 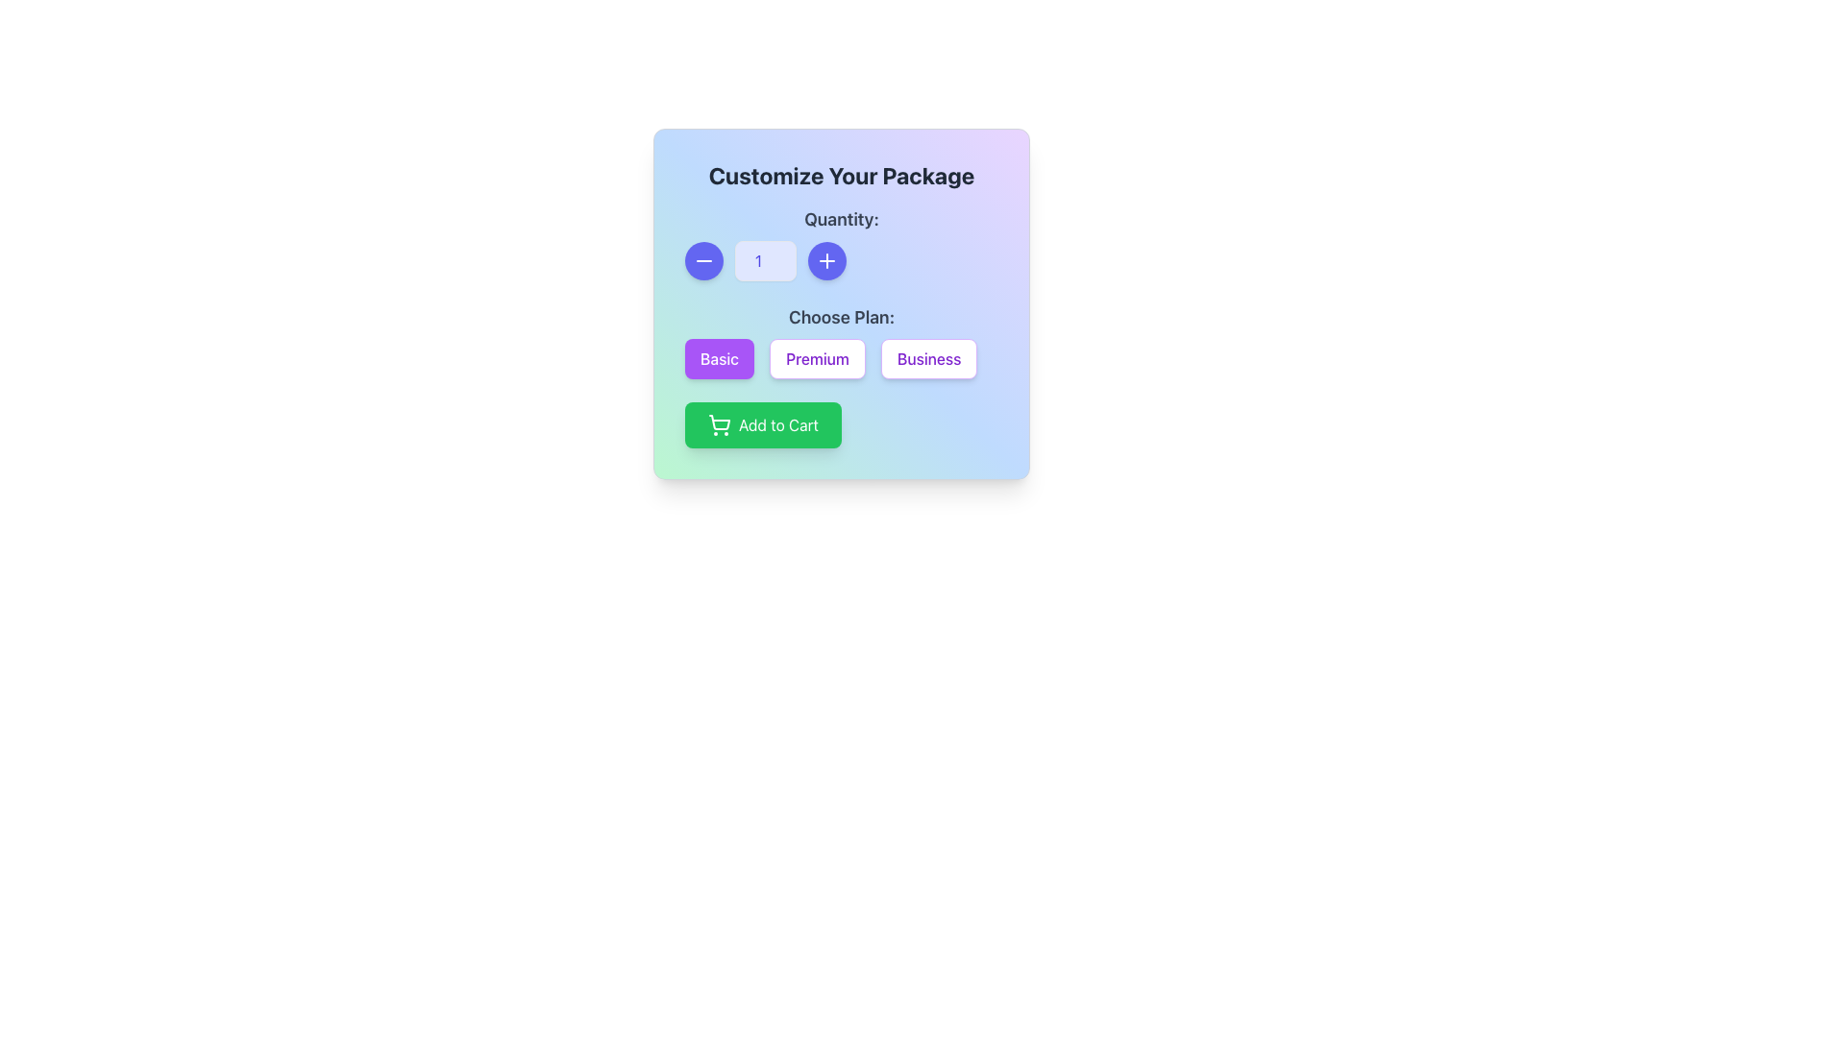 I want to click on text of the label 'Quantity:' which is displayed in bold and gray color, located above the numerical input control in the quantity selection section, so click(x=841, y=218).